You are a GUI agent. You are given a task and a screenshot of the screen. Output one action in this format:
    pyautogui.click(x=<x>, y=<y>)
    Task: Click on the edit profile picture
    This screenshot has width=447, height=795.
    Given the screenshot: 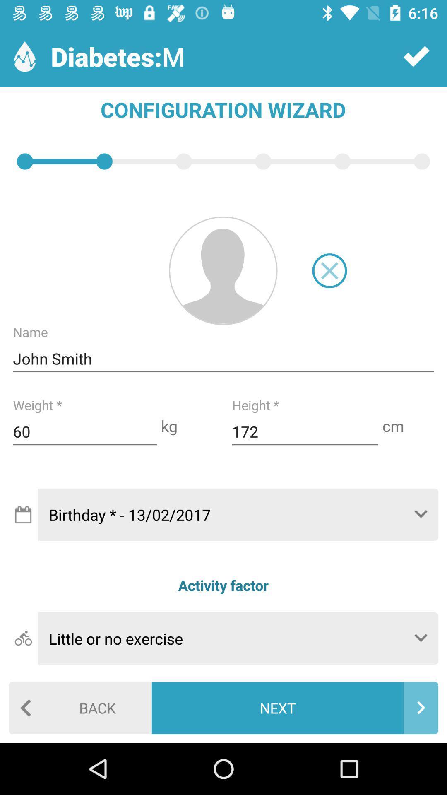 What is the action you would take?
    pyautogui.click(x=223, y=270)
    